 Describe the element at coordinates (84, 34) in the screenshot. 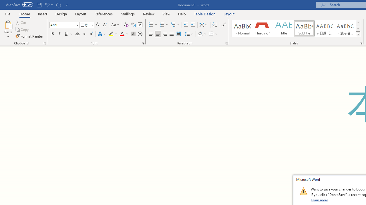

I see `'Subscript'` at that location.